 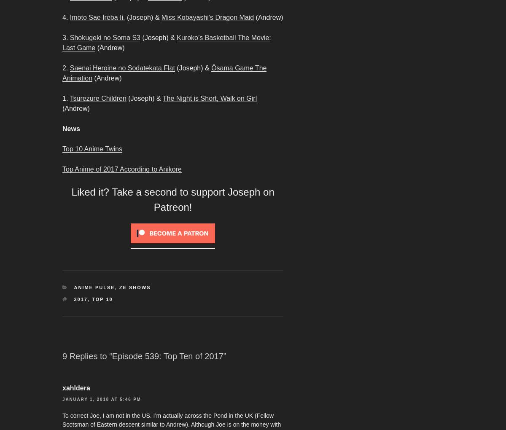 I want to click on 'Top 10 Anime Twins', so click(x=92, y=148).